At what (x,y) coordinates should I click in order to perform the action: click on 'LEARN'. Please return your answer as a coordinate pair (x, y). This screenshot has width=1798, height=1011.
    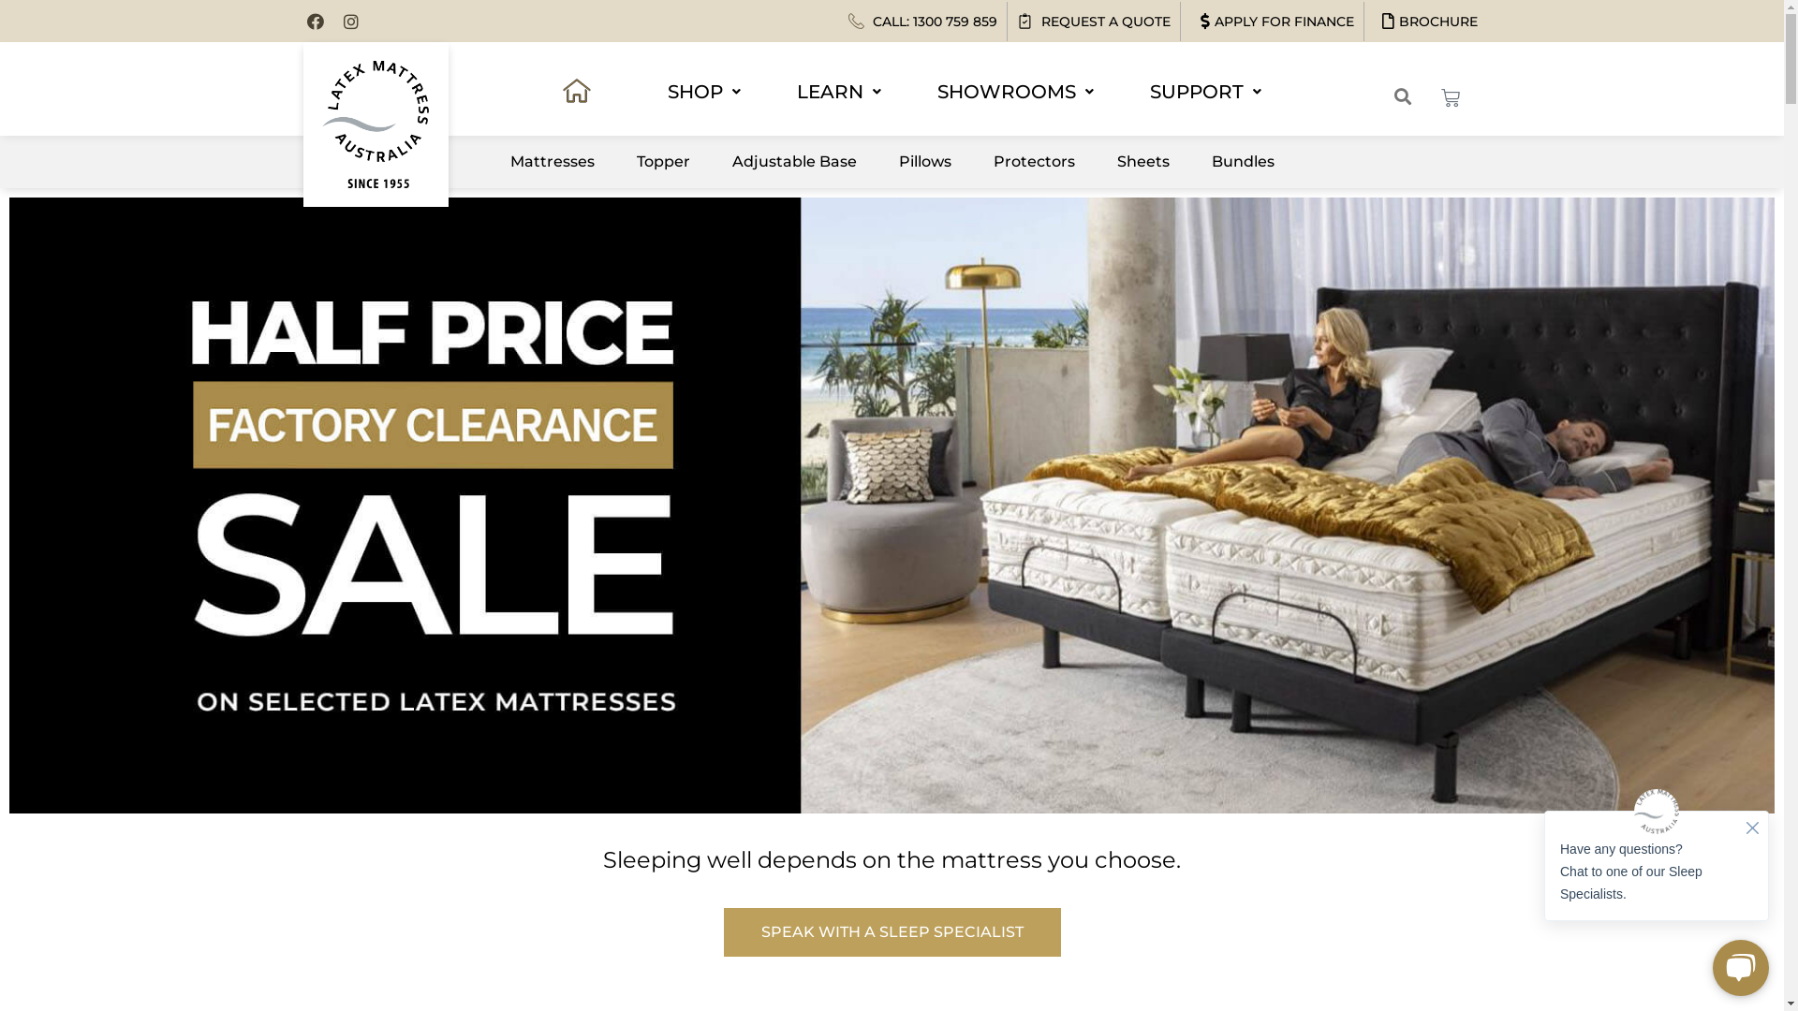
    Looking at the image, I should click on (838, 91).